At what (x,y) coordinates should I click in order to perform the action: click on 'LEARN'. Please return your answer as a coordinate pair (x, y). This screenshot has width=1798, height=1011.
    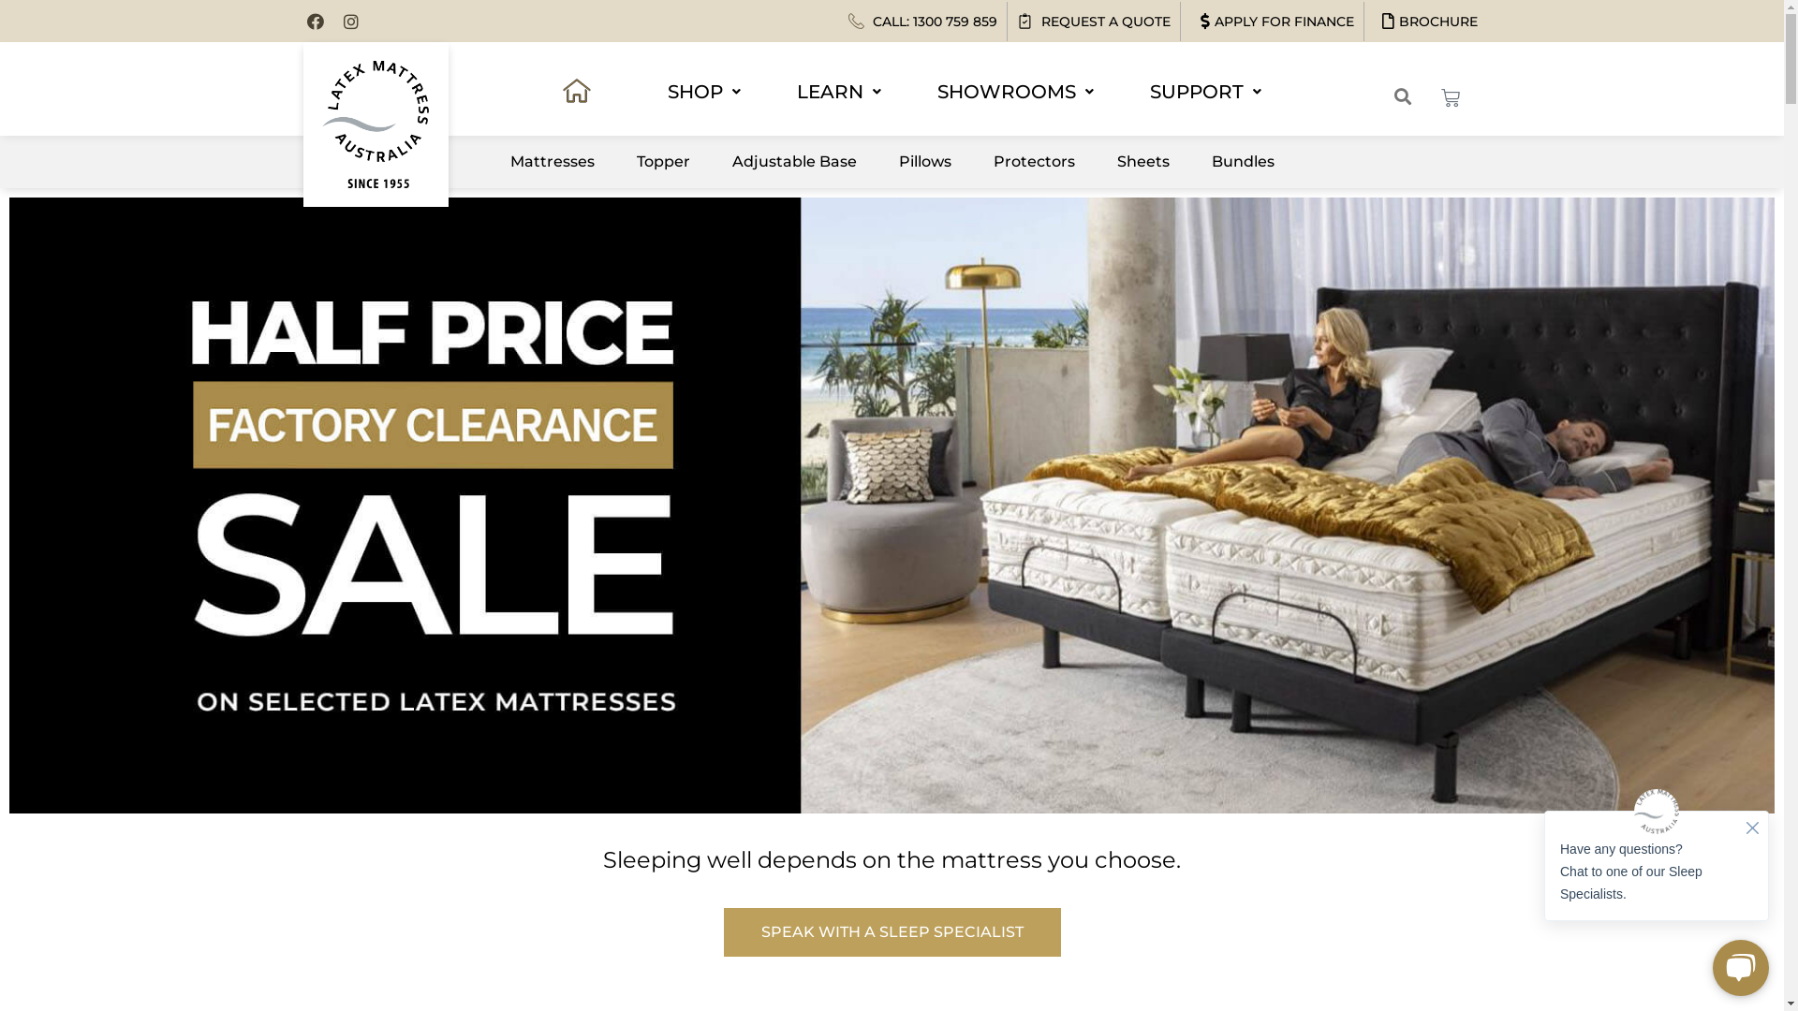
    Looking at the image, I should click on (838, 91).